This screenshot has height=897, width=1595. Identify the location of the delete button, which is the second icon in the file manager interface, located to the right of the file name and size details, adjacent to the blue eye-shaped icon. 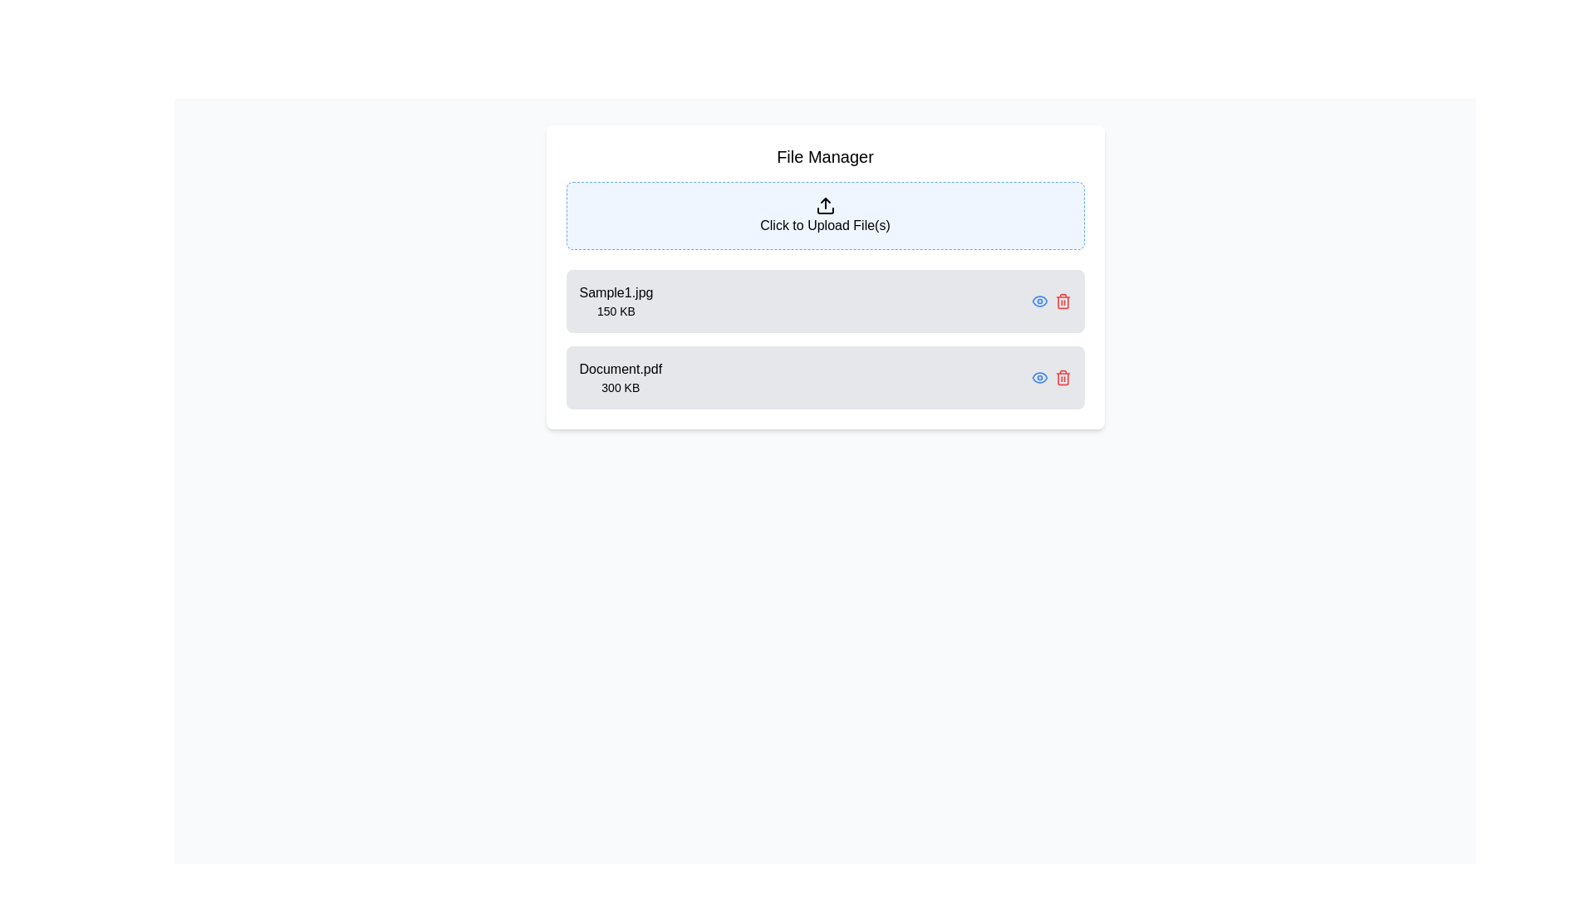
(1062, 301).